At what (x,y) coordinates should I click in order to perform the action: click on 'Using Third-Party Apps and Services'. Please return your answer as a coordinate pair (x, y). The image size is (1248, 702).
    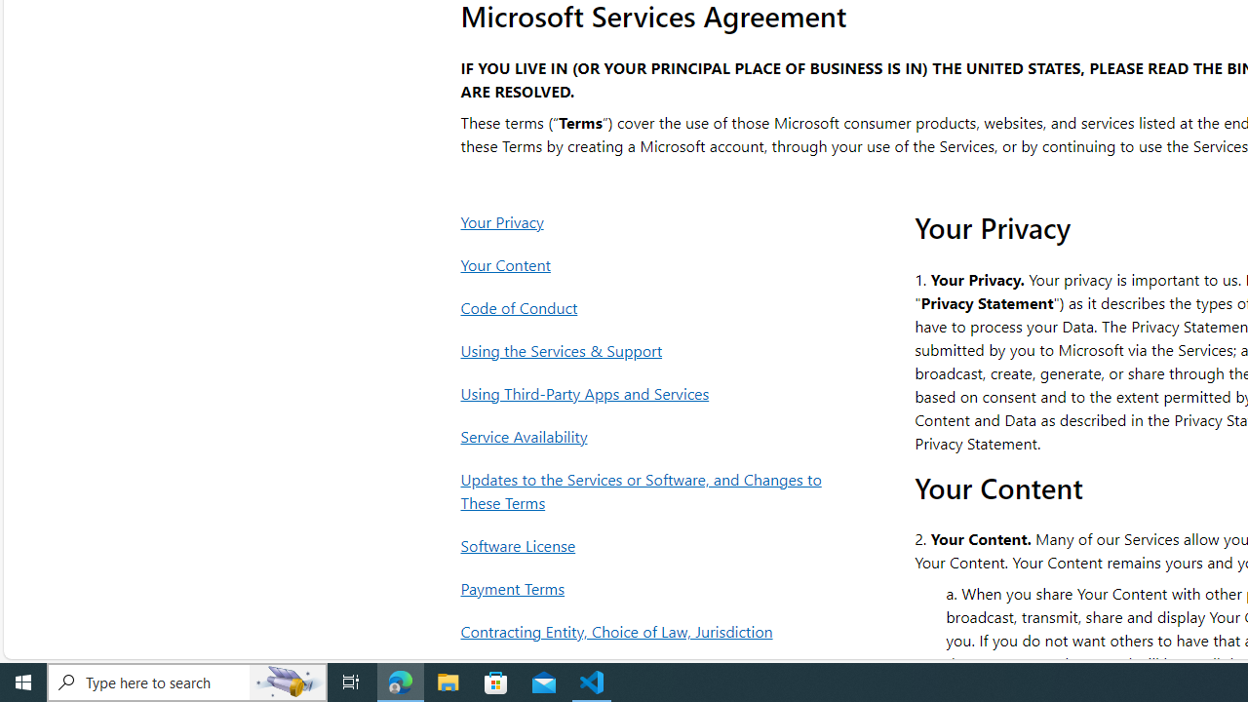
    Looking at the image, I should click on (646, 393).